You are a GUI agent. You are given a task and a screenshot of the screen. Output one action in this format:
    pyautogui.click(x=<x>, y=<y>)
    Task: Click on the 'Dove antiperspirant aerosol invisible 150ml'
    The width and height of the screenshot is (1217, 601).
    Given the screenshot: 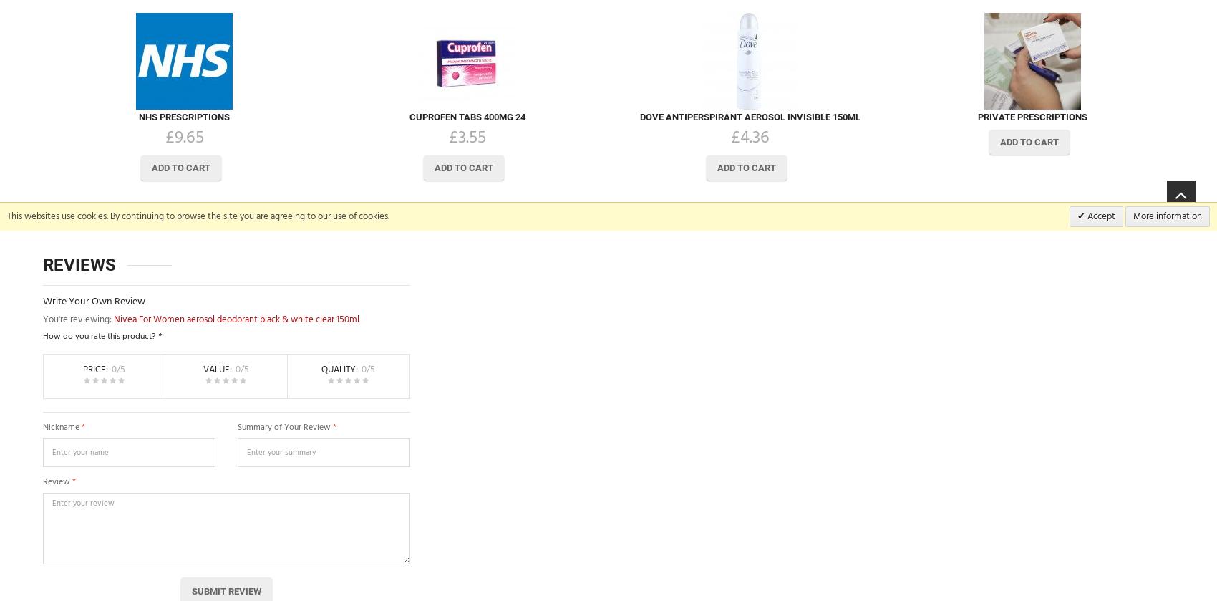 What is the action you would take?
    pyautogui.click(x=749, y=116)
    